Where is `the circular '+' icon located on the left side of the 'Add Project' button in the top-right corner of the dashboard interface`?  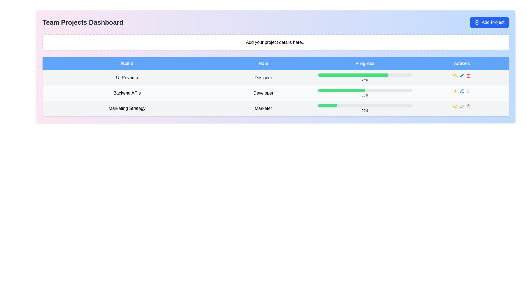 the circular '+' icon located on the left side of the 'Add Project' button in the top-right corner of the dashboard interface is located at coordinates (477, 22).